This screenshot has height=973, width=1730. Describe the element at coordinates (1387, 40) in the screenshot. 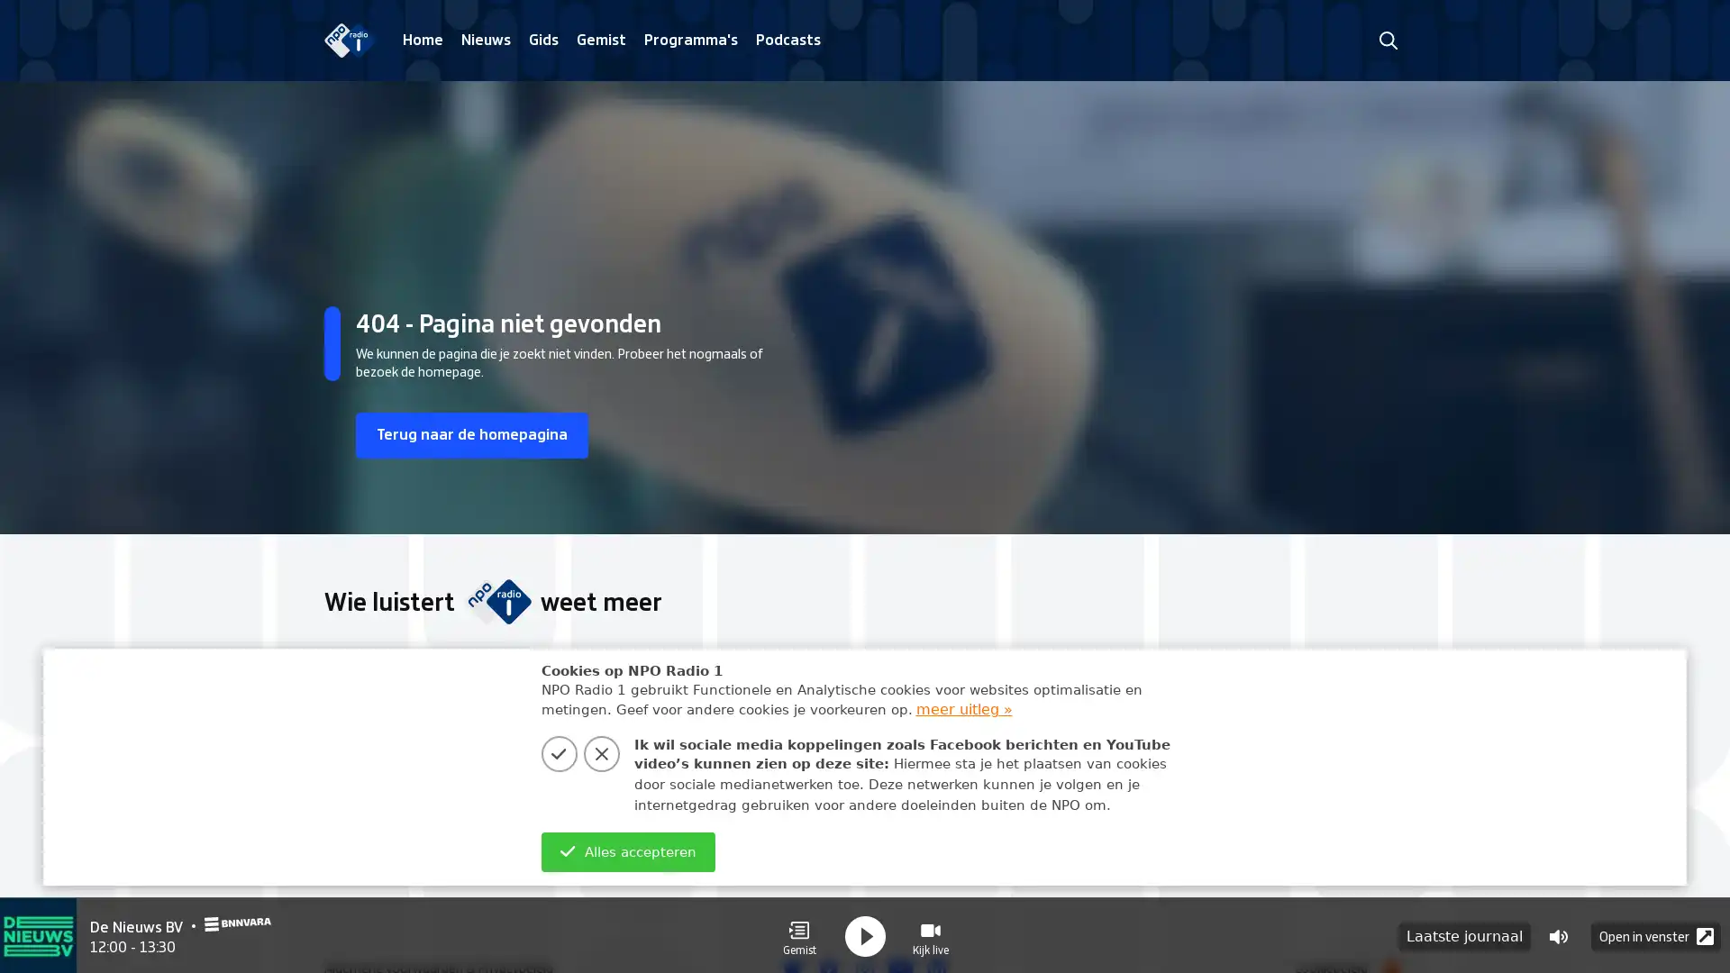

I see `zoeken` at that location.